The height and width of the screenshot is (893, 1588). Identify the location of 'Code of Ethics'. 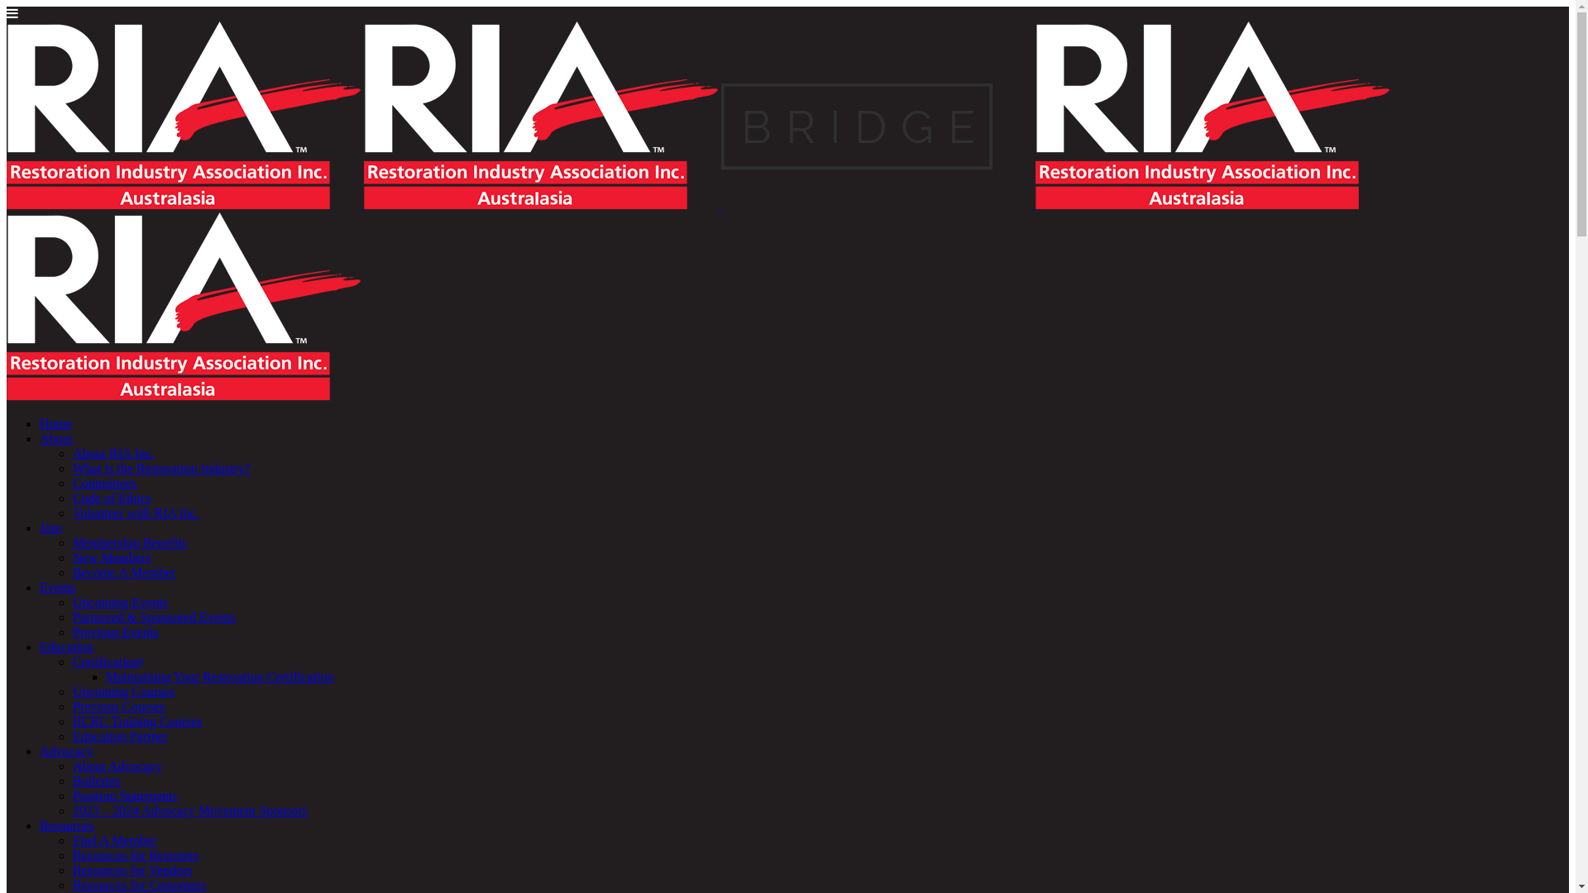
(111, 497).